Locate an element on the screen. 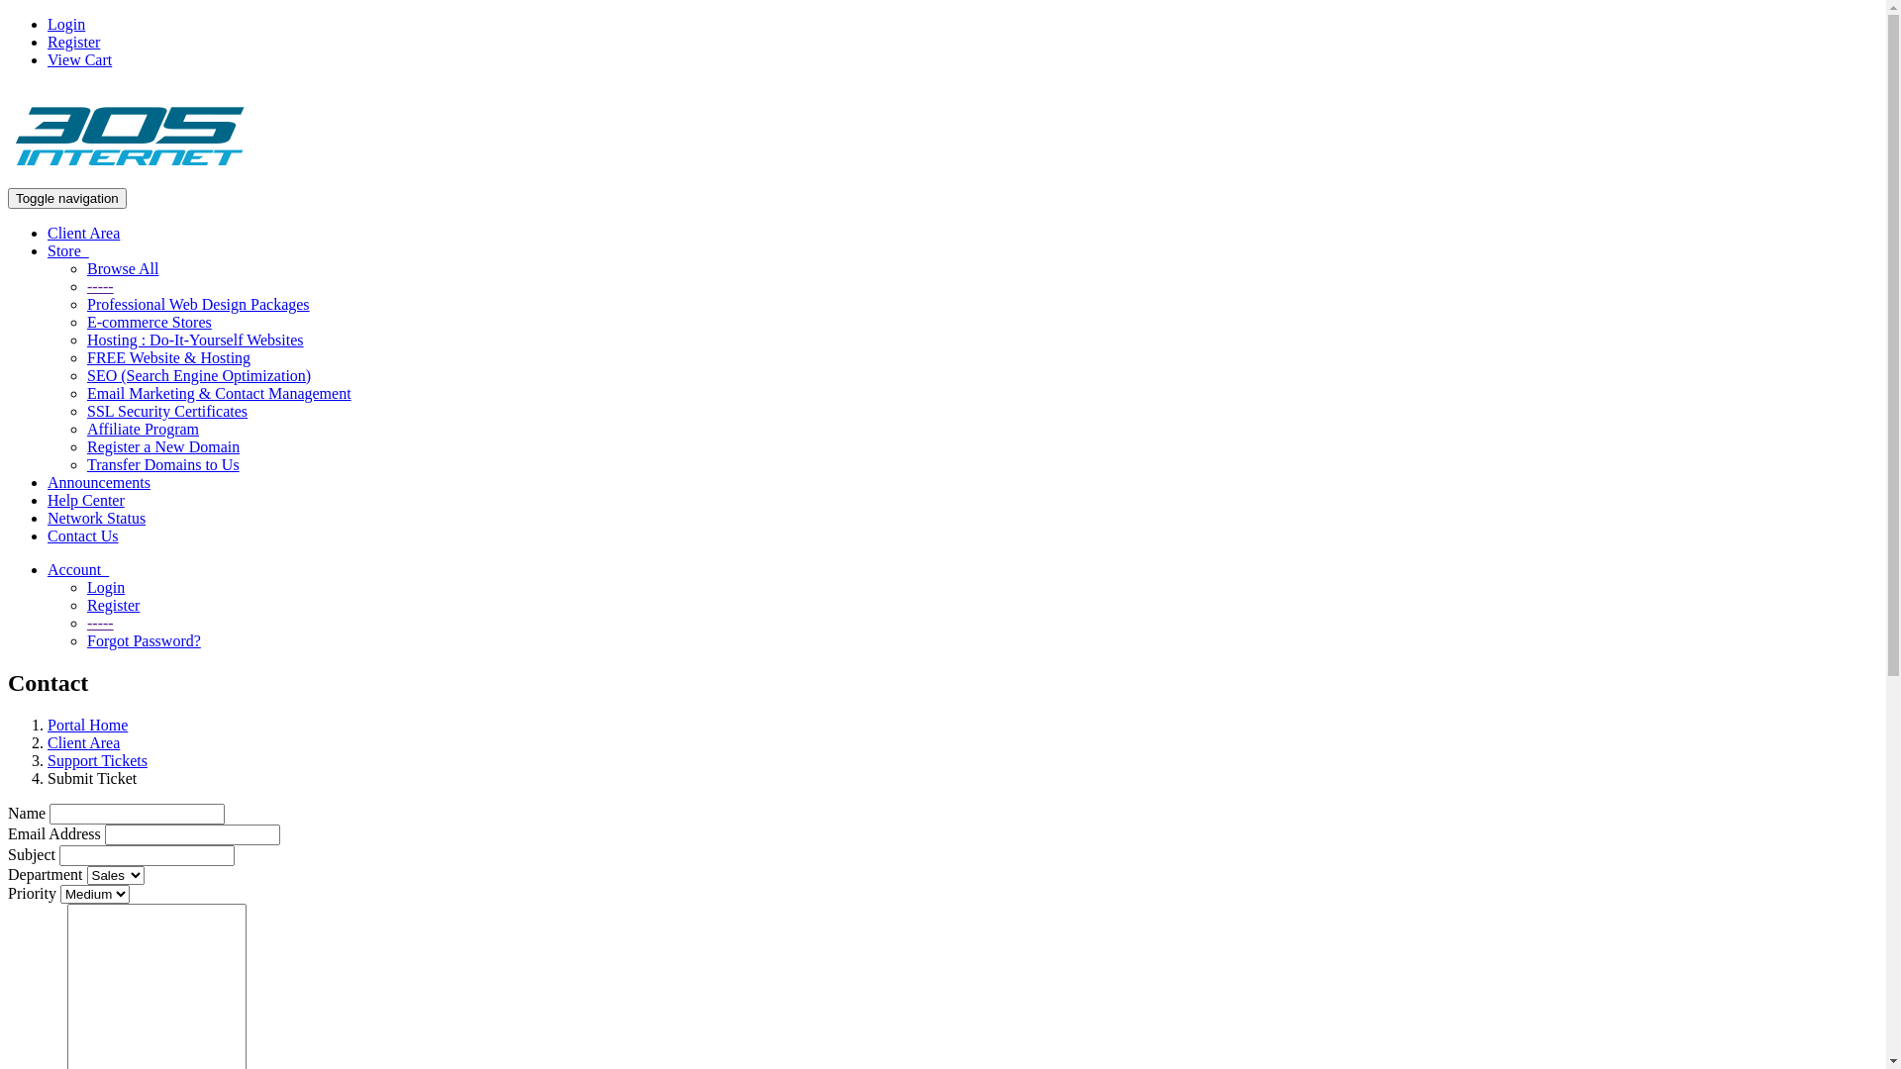 Image resolution: width=1901 pixels, height=1069 pixels. 'Client Area' is located at coordinates (82, 232).